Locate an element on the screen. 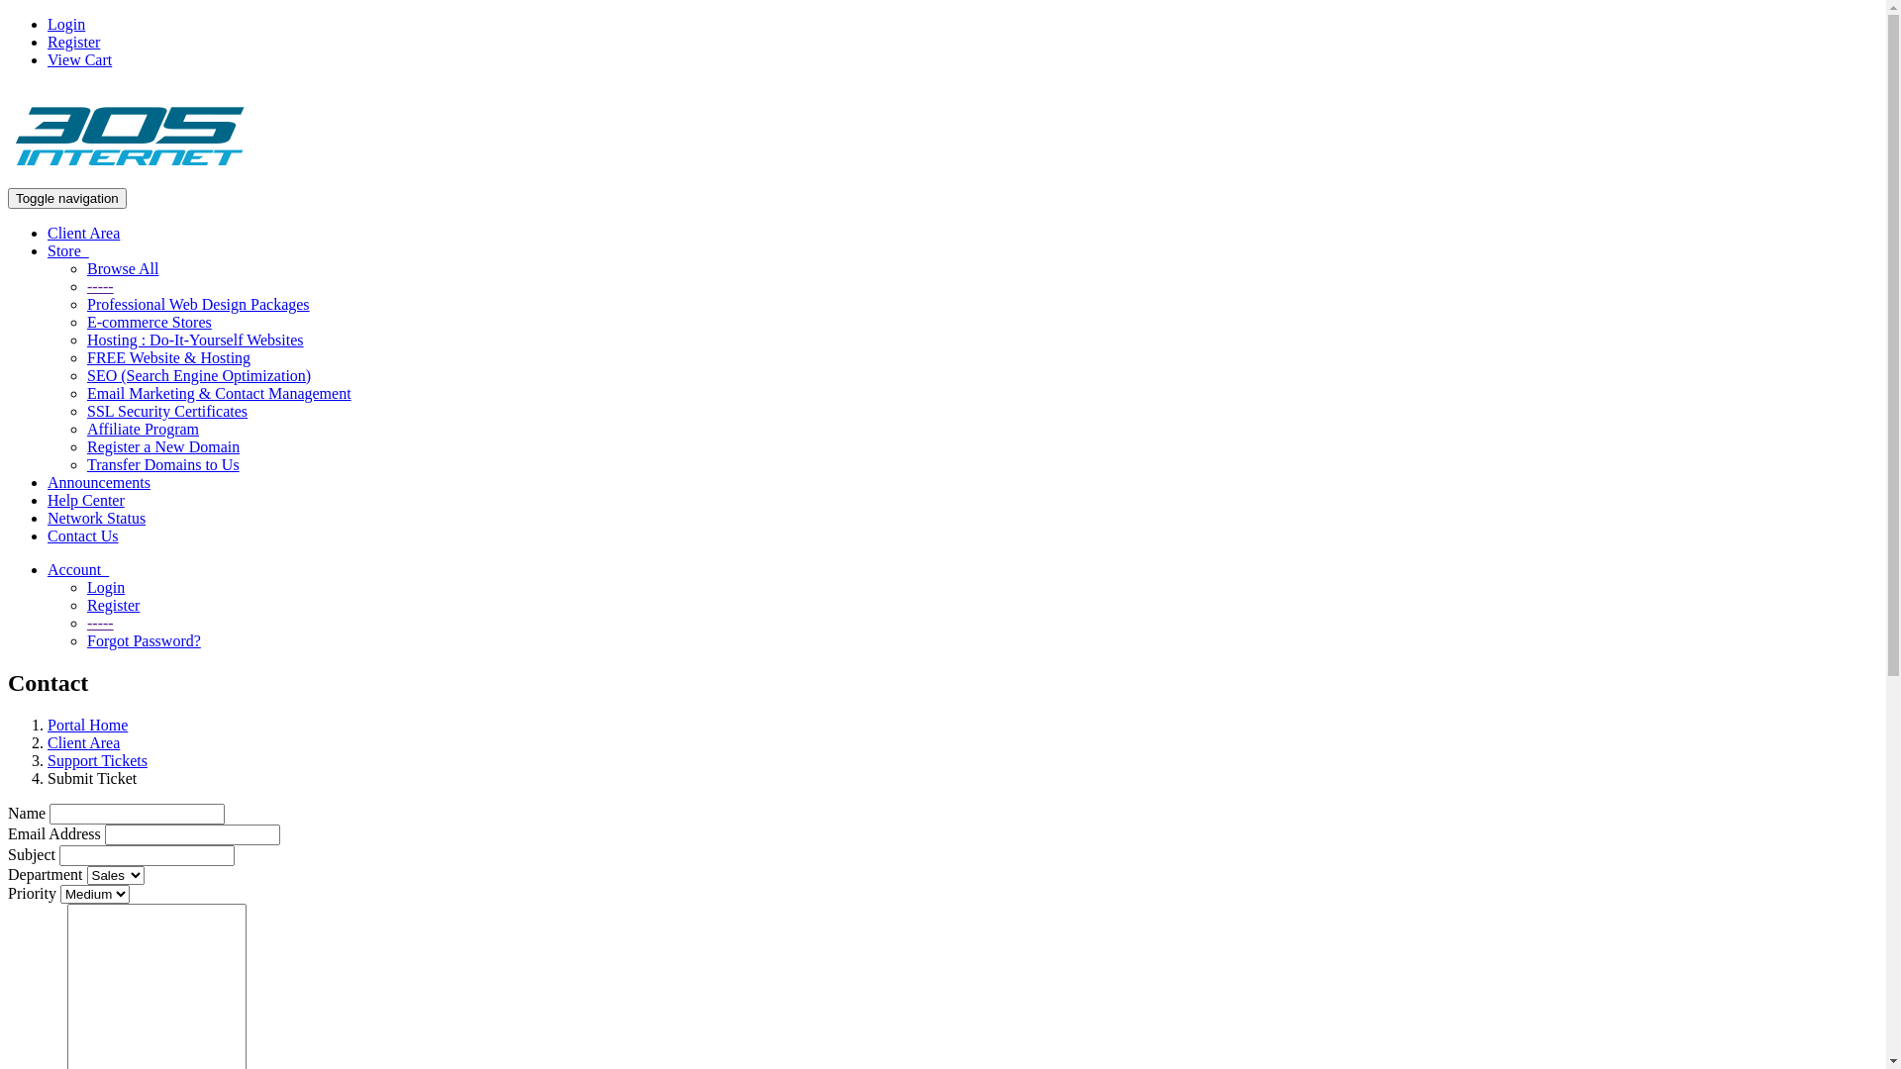 Image resolution: width=1901 pixels, height=1069 pixels. 'Client Area' is located at coordinates (82, 232).